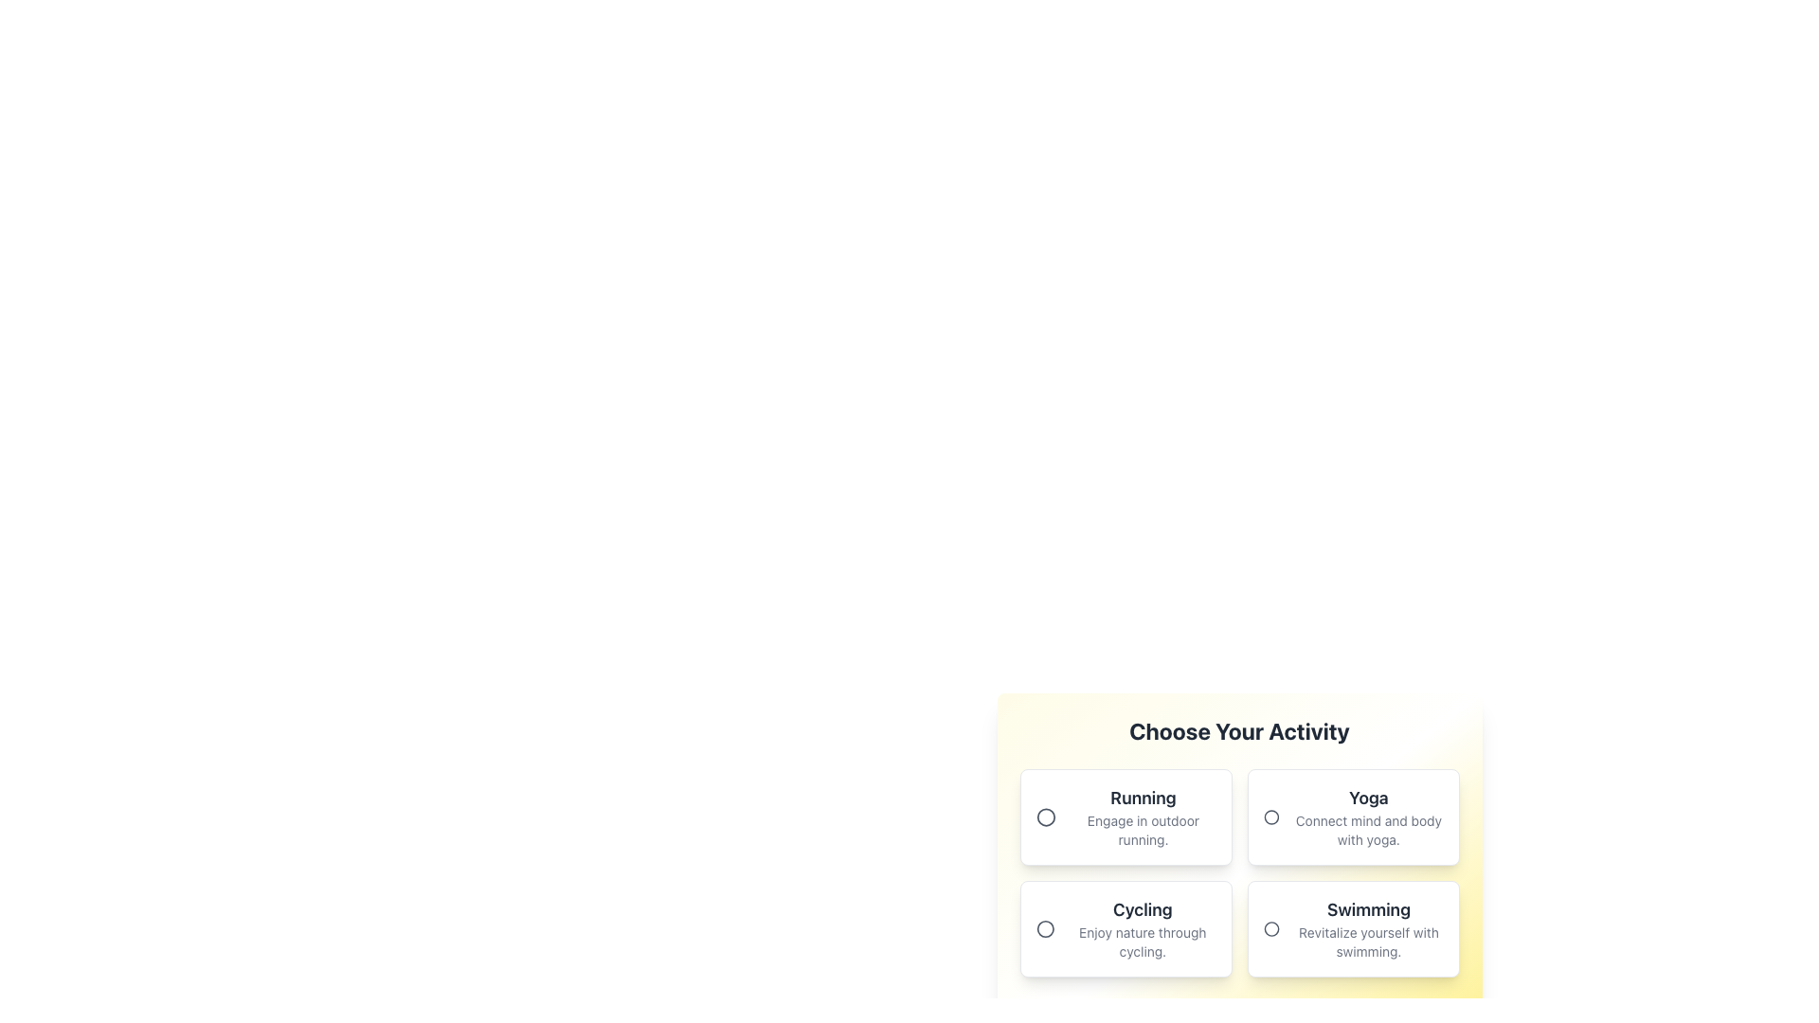 Image resolution: width=1819 pixels, height=1023 pixels. I want to click on the title text element located at the top section of the card-like component with a light yellow gradient background, which guides the user to choose their preferred activity, so click(1239, 729).